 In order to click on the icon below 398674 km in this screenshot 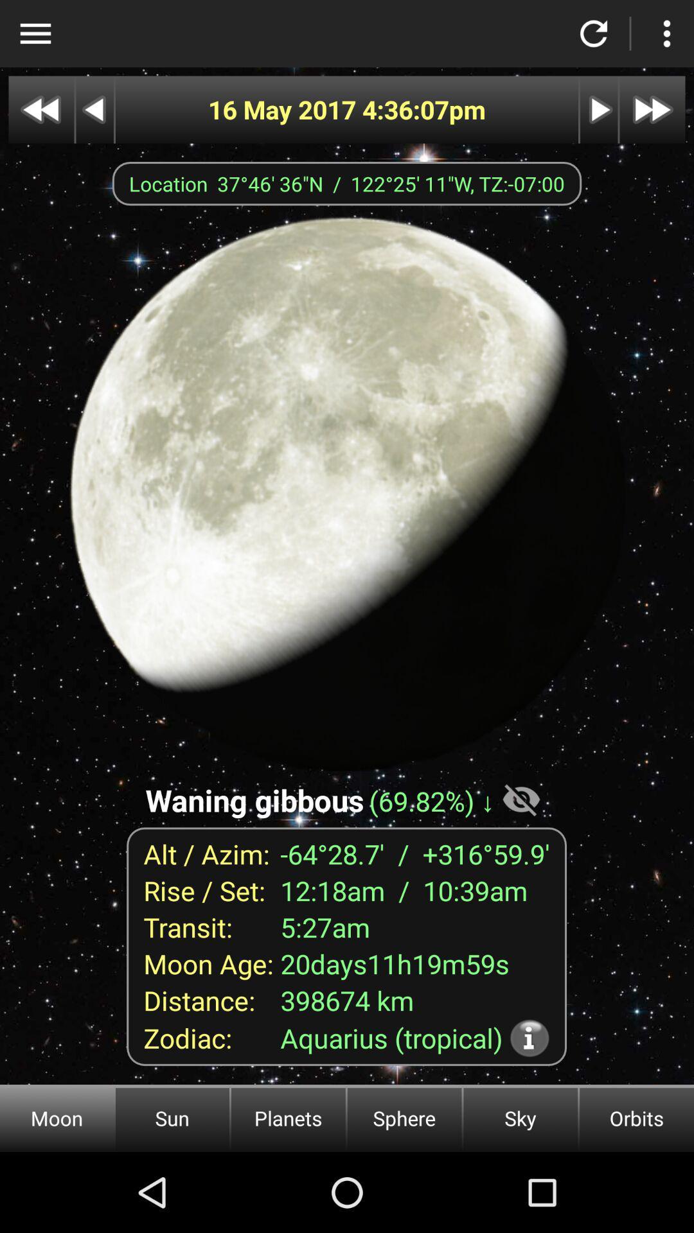, I will do `click(529, 1038)`.